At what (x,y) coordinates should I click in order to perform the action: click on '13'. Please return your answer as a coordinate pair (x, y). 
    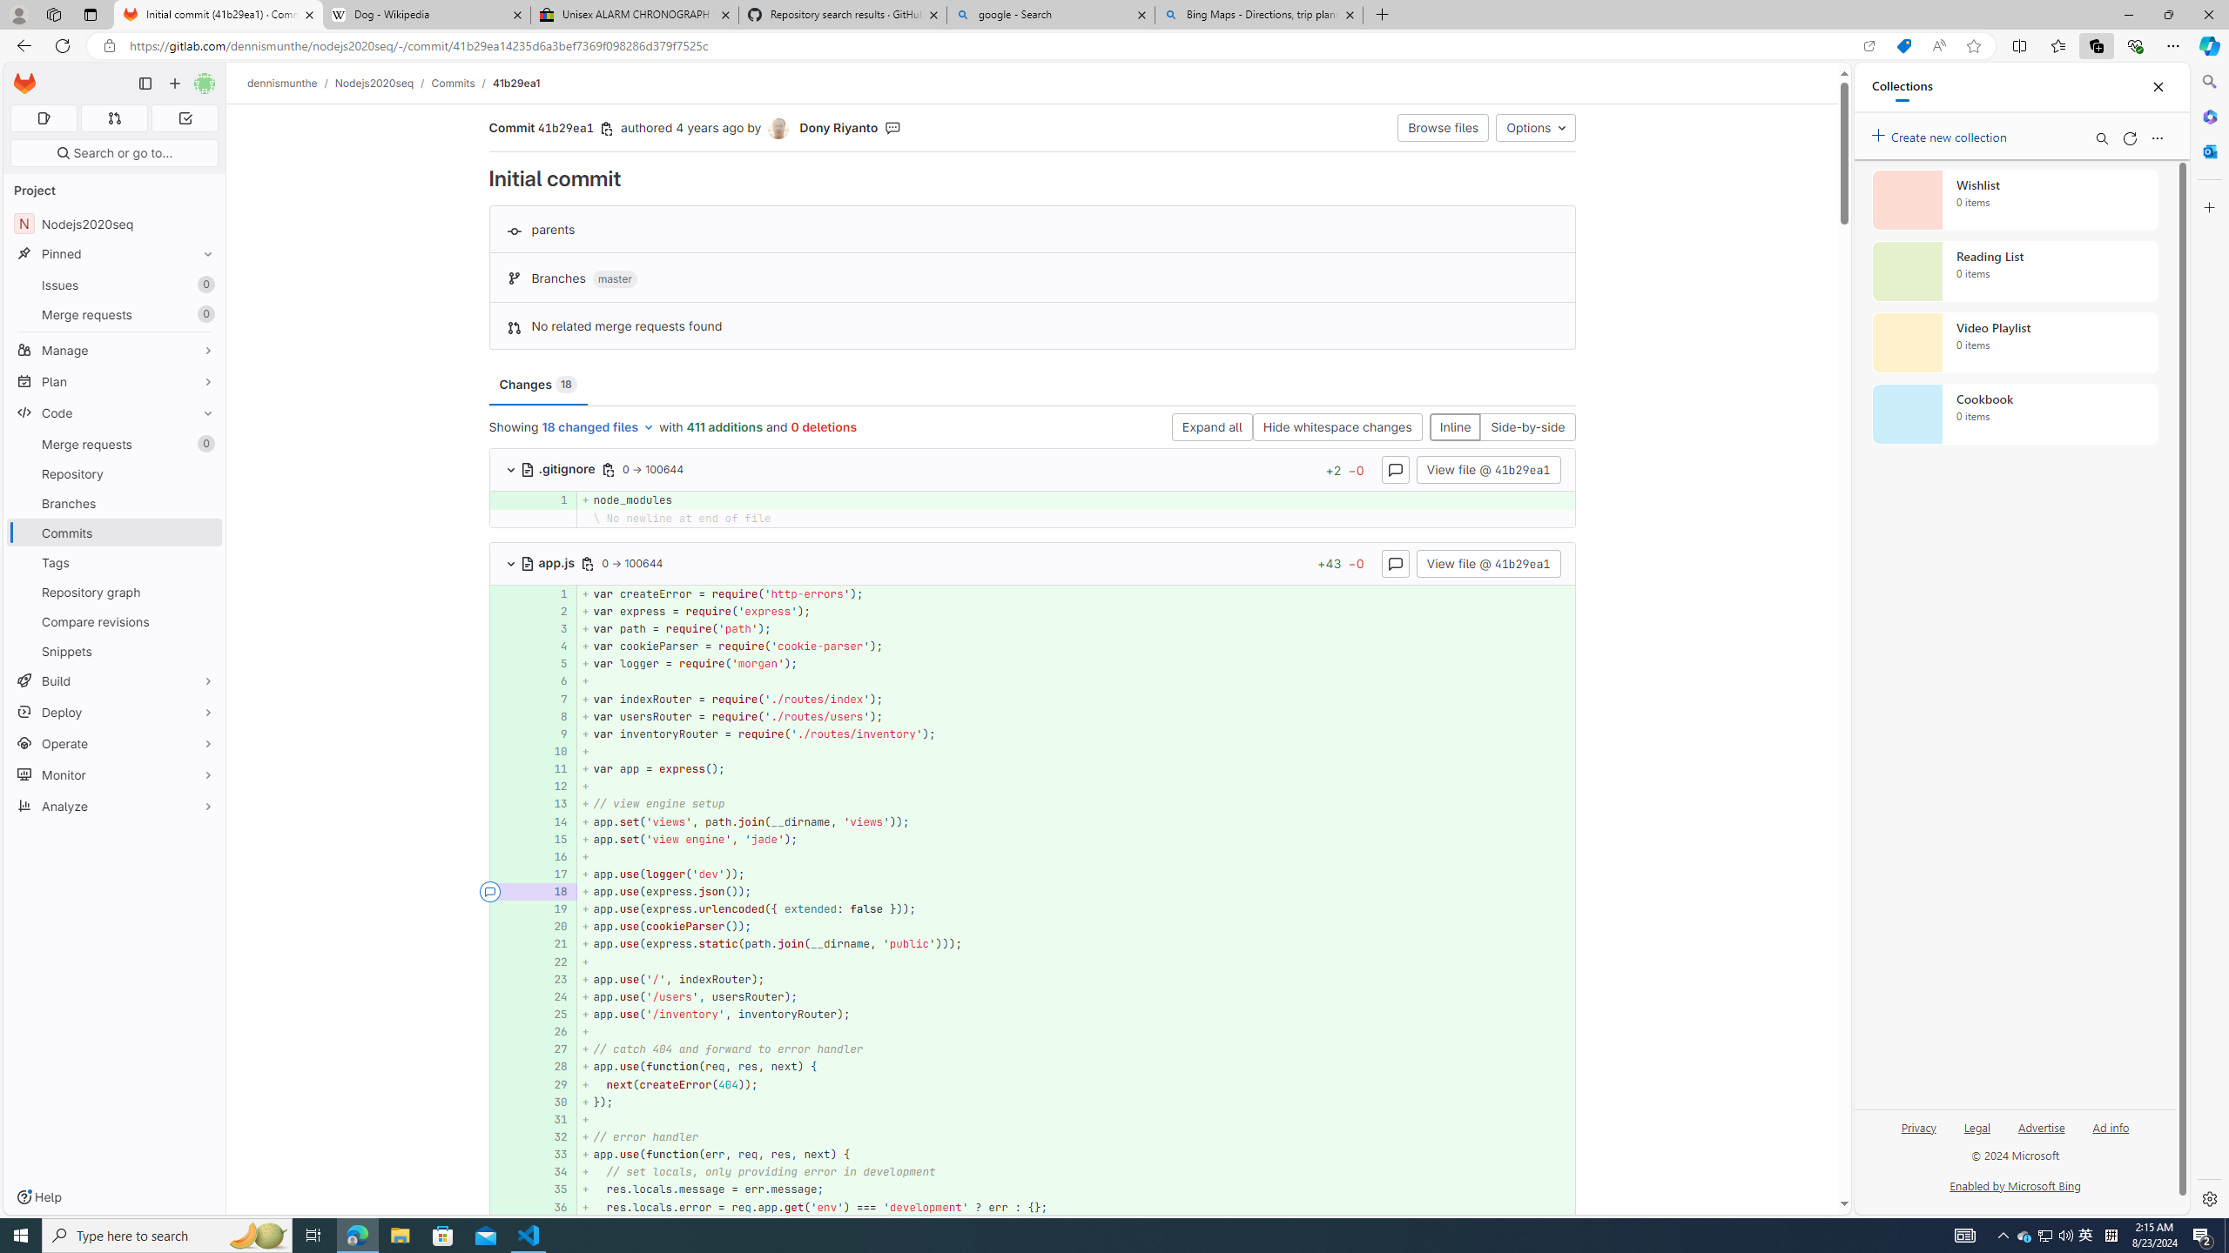
    Looking at the image, I should click on (551, 803).